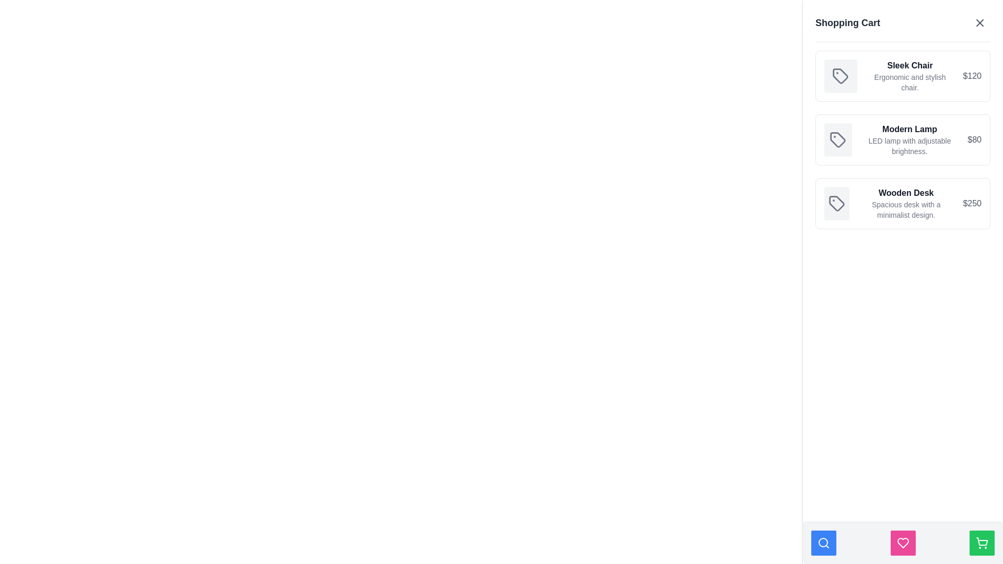 The image size is (1003, 564). Describe the element at coordinates (979, 22) in the screenshot. I see `the close button (styled as an SVG icon) located in the top-right corner of the 'Shopping Cart' section` at that location.